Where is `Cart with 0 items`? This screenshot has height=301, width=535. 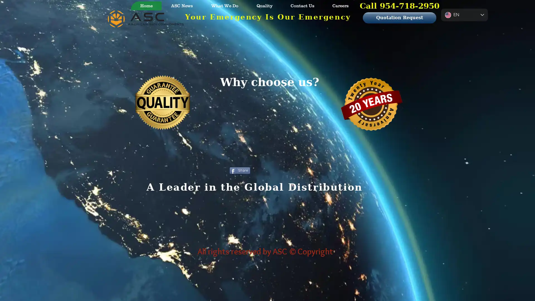 Cart with 0 items is located at coordinates (400, 11).